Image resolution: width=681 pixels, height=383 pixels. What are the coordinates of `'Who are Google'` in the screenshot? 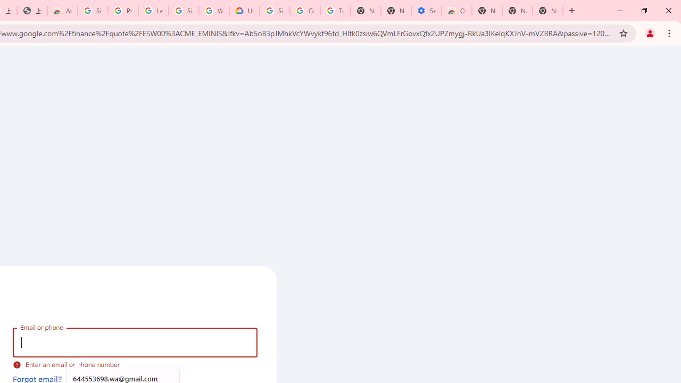 It's located at (213, 11).